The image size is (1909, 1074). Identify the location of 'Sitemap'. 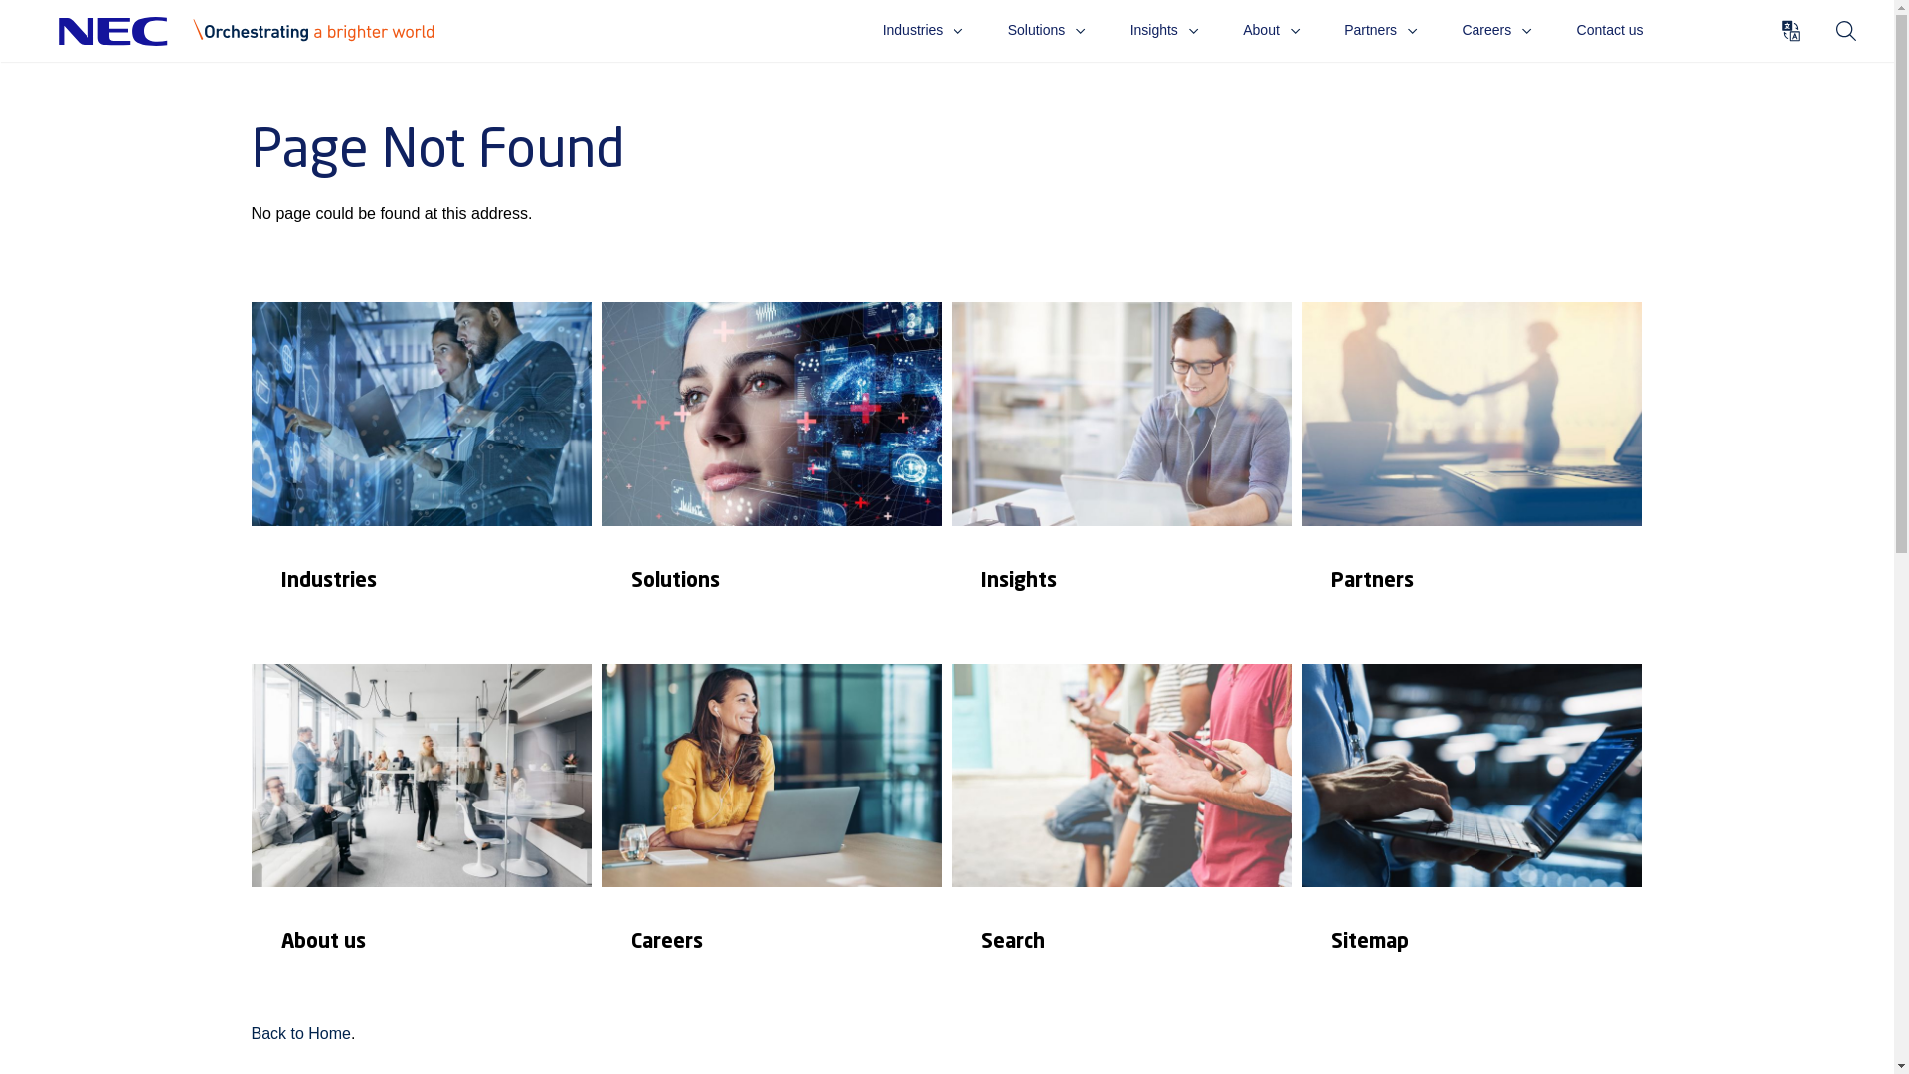
(1470, 839).